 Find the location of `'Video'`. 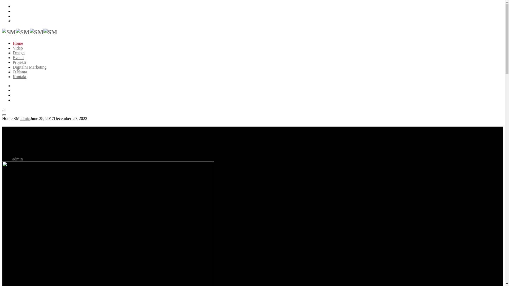

'Video' is located at coordinates (18, 48).